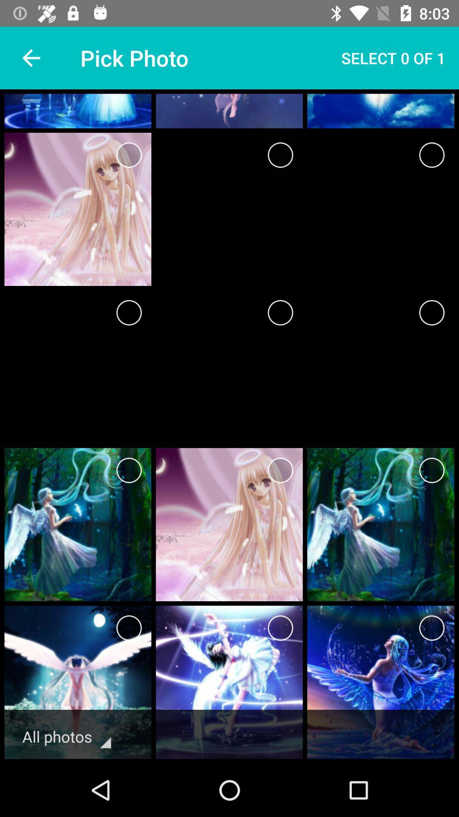 The image size is (459, 817). What do you see at coordinates (432, 155) in the screenshot?
I see `sekect that photo` at bounding box center [432, 155].